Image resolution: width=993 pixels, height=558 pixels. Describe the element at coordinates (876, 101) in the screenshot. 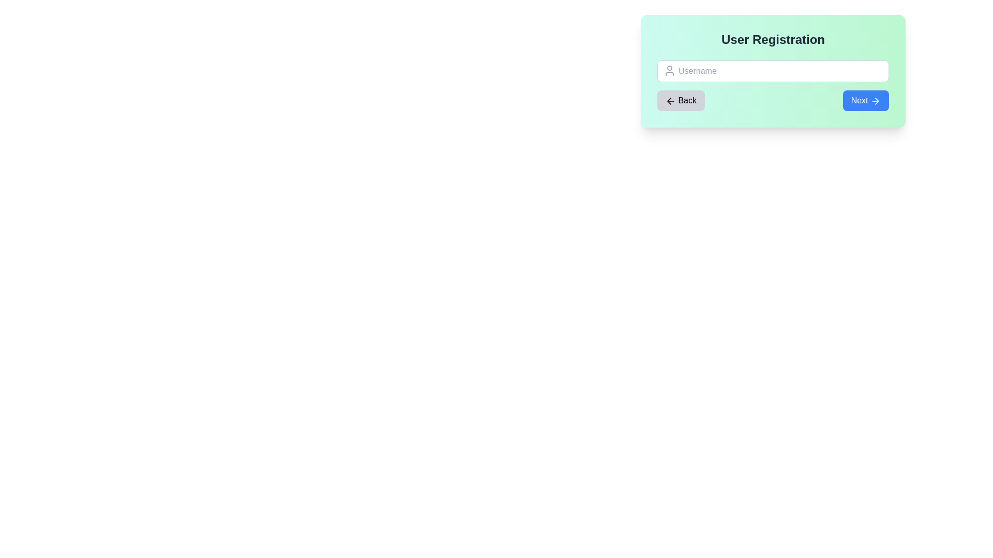

I see `the right arrow icon that is part of the 'Next' button located to the right of the 'Username' input field in the registration form` at that location.